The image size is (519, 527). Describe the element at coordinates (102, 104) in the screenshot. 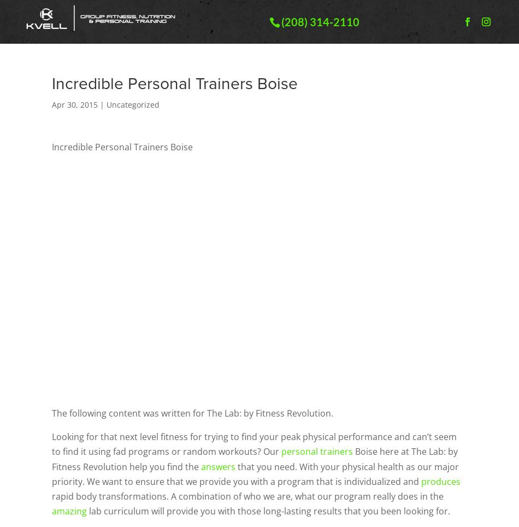

I see `'|'` at that location.